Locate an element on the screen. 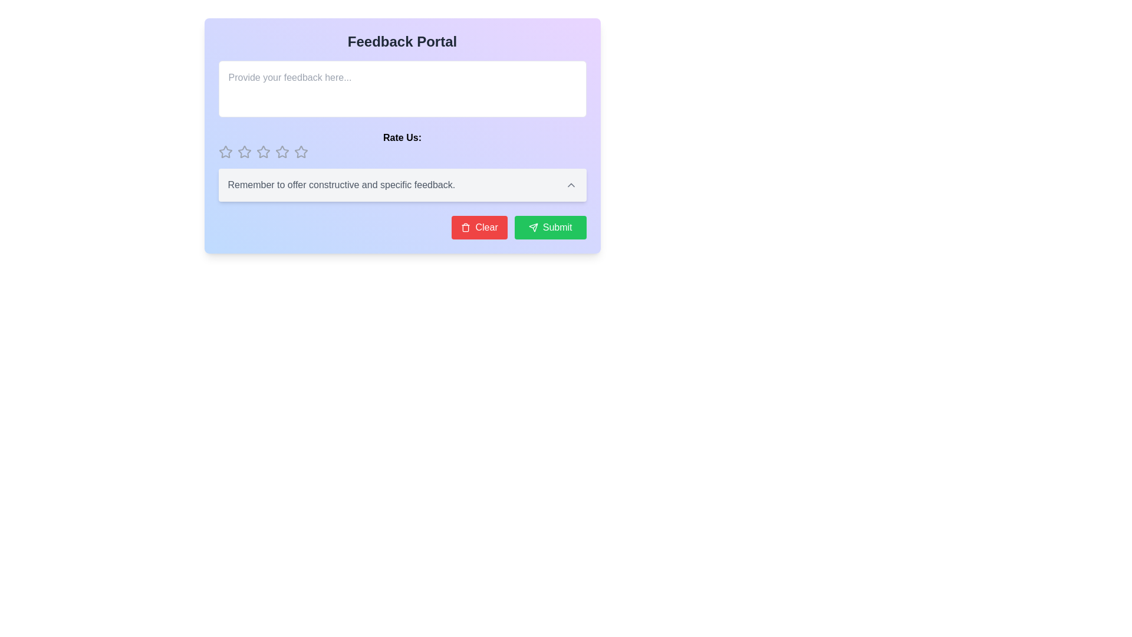 The width and height of the screenshot is (1132, 637). the fourth star icon in the rating widget is located at coordinates (281, 151).